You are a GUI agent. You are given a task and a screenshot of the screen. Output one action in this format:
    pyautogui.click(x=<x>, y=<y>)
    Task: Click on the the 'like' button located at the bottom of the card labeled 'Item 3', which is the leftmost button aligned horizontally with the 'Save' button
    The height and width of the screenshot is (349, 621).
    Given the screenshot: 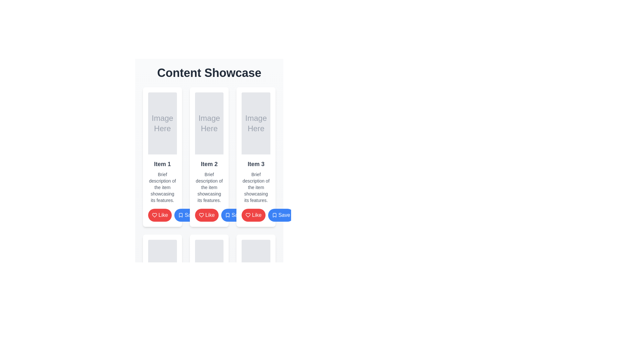 What is the action you would take?
    pyautogui.click(x=253, y=215)
    